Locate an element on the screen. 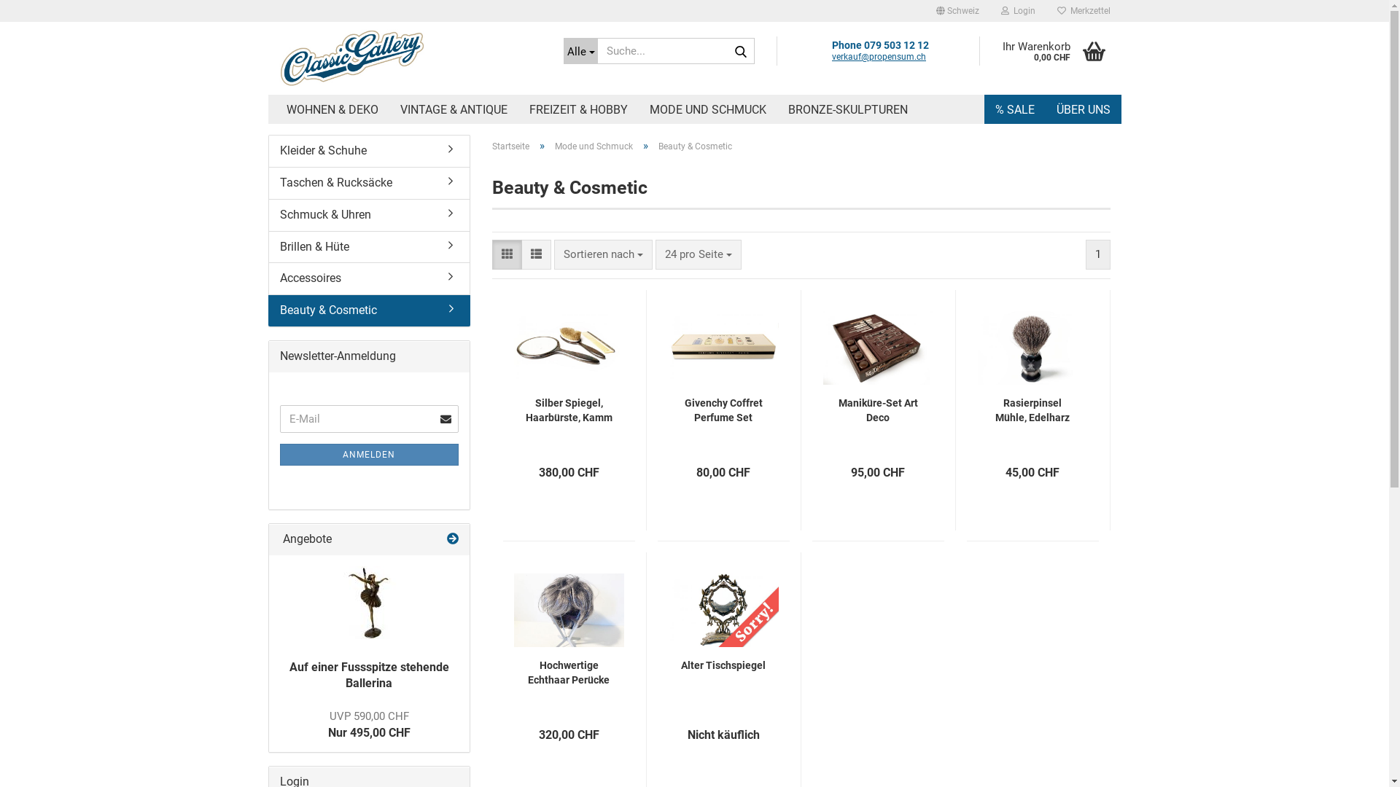 Image resolution: width=1400 pixels, height=787 pixels. 'Alle' is located at coordinates (579, 50).